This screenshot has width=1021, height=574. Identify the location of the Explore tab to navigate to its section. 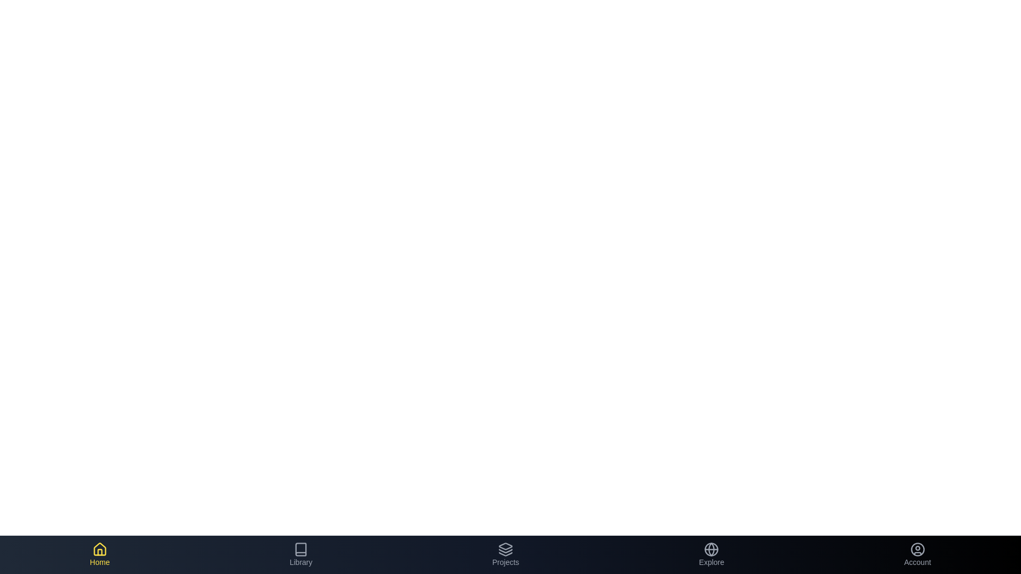
(712, 554).